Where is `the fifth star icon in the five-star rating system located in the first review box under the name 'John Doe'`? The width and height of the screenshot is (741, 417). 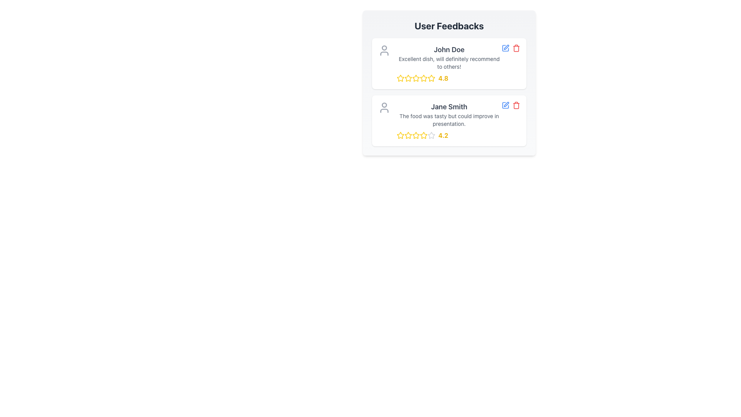 the fifth star icon in the five-star rating system located in the first review box under the name 'John Doe' is located at coordinates (431, 78).